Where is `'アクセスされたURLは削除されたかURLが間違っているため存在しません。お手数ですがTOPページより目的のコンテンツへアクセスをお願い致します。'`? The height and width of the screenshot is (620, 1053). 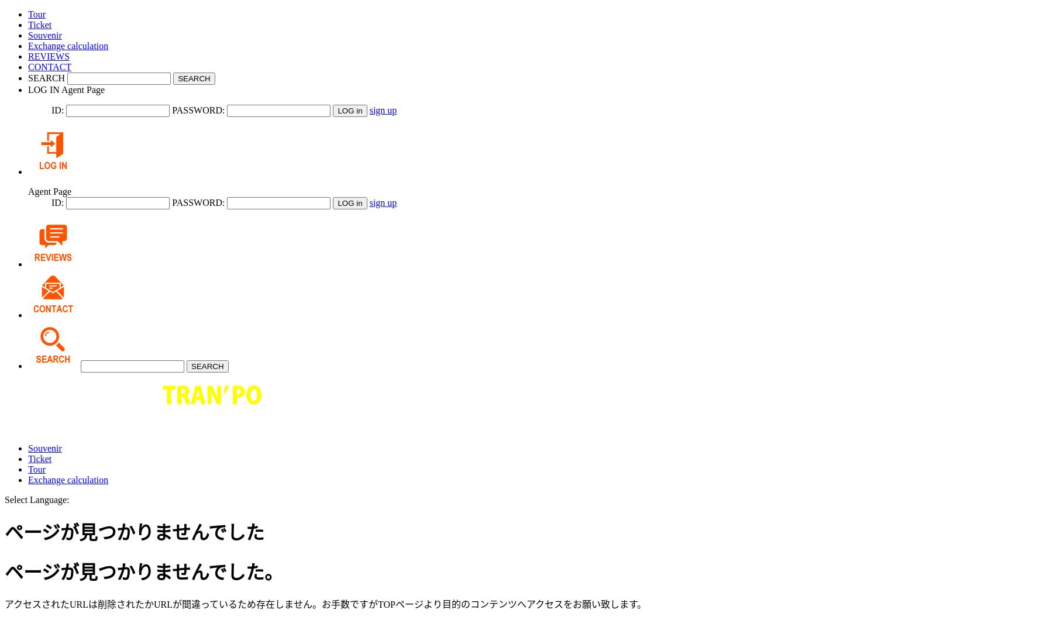 'アクセスされたURLは削除されたかURLが間違っているため存在しません。お手数ですがTOPページより目的のコンテンツへアクセスをお願い致します。' is located at coordinates (325, 604).